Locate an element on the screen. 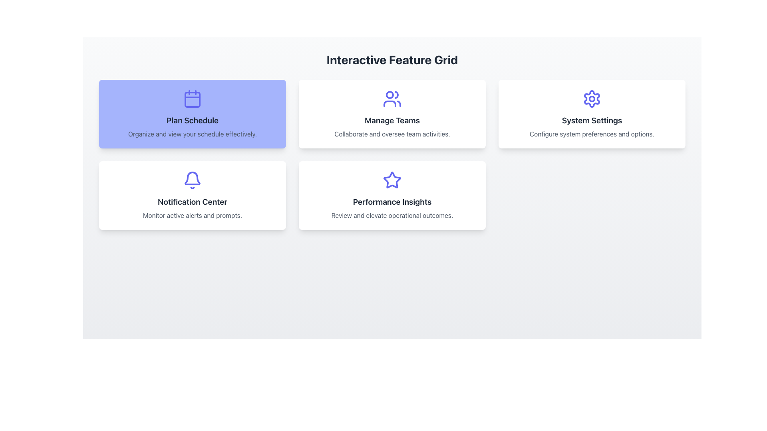 This screenshot has height=431, width=767. the Illustrative Icon (SVG) representing the 'Performance Insights' feature, located at the center of the card in the bottom row of the feature grid is located at coordinates (392, 180).